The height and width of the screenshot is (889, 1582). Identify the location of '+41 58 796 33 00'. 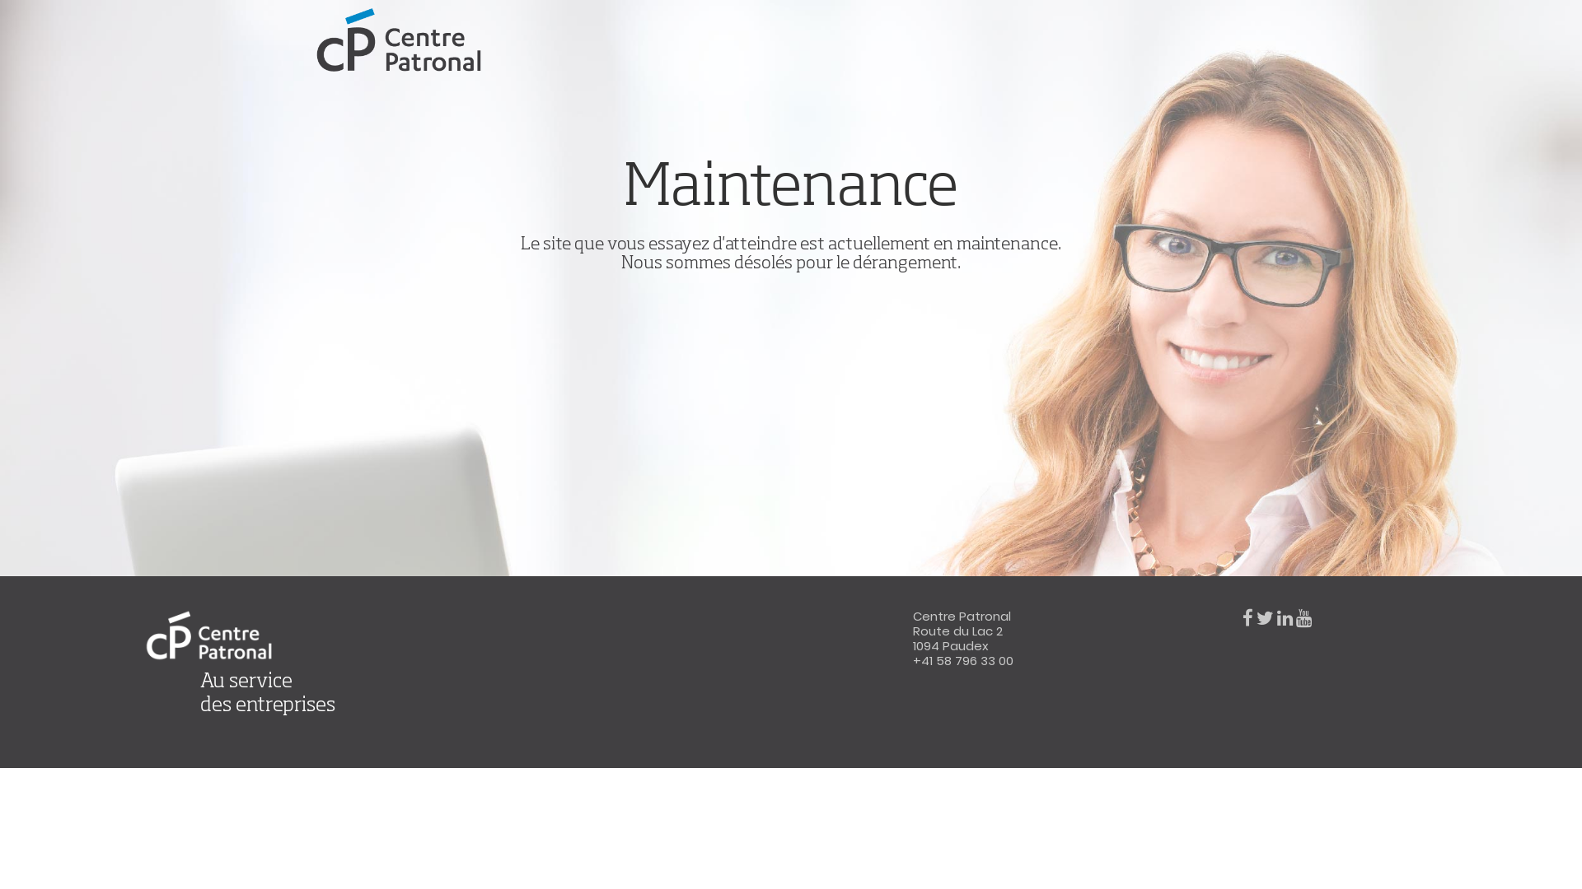
(963, 659).